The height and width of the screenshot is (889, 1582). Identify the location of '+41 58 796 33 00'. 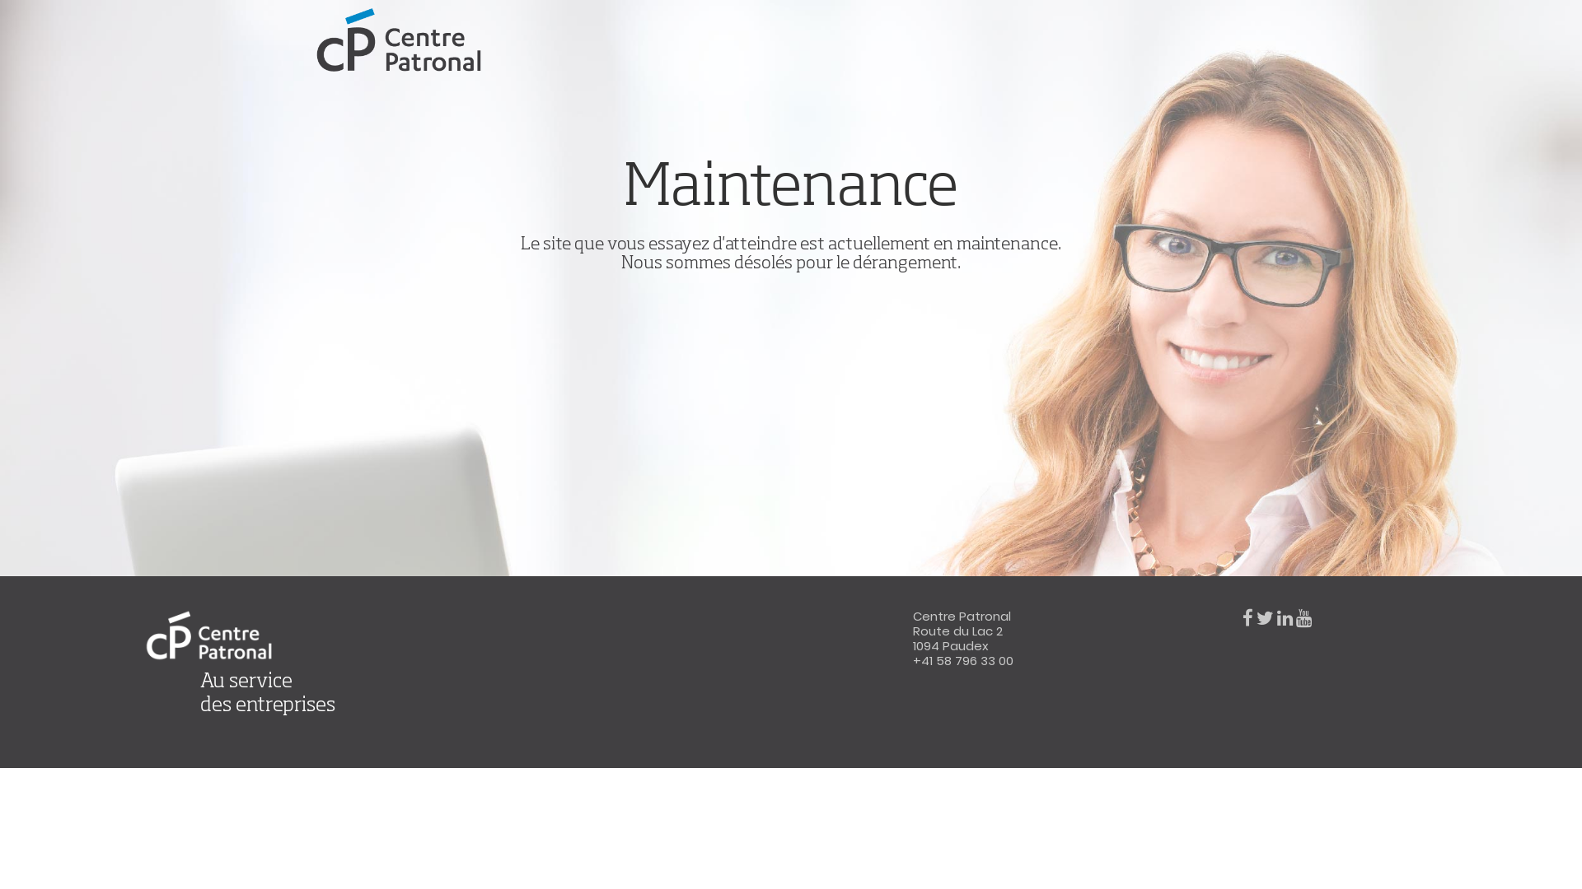
(963, 659).